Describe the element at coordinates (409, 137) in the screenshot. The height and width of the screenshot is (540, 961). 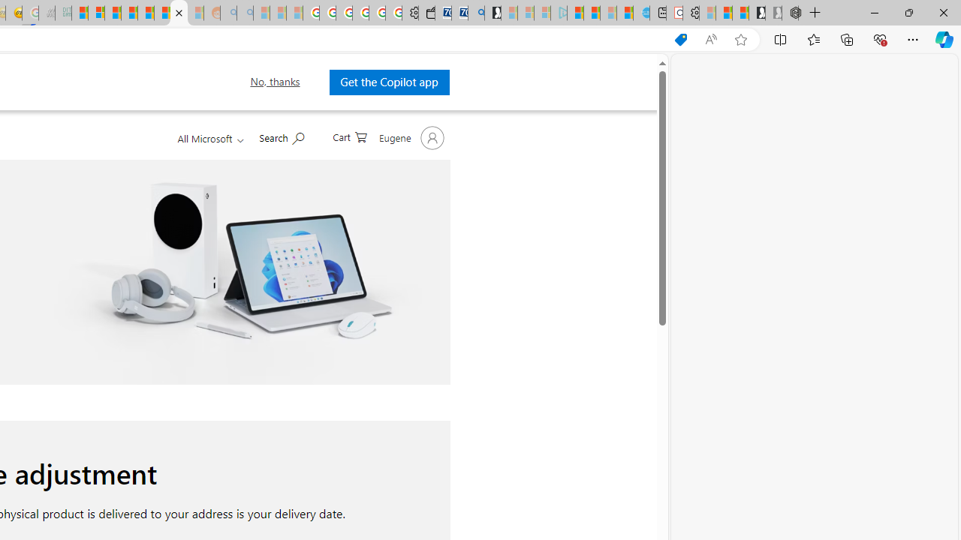
I see `'Account manager for Eugene'` at that location.